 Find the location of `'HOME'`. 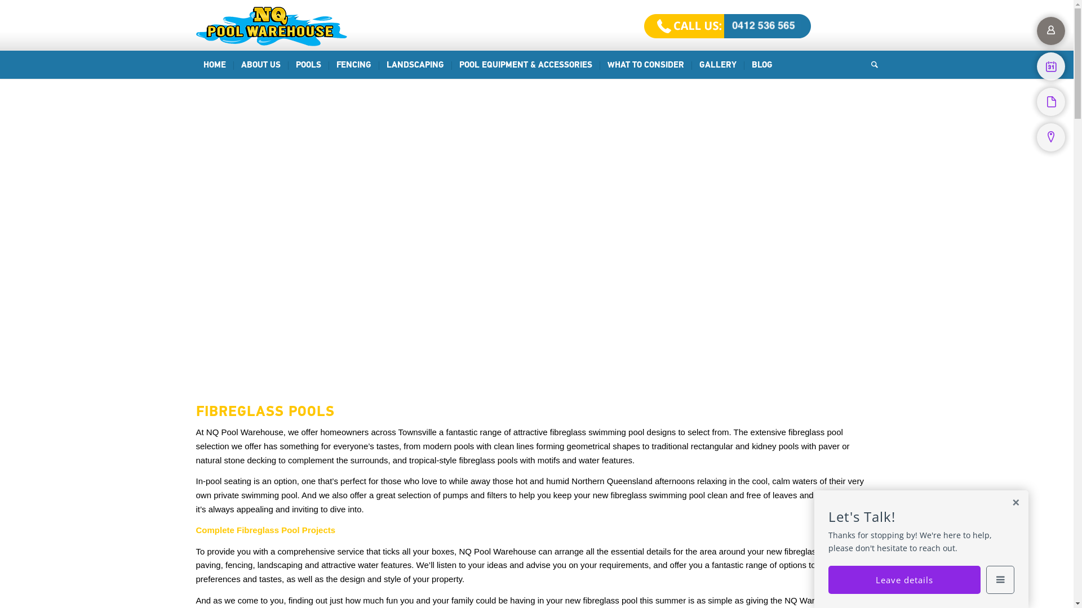

'HOME' is located at coordinates (196, 65).